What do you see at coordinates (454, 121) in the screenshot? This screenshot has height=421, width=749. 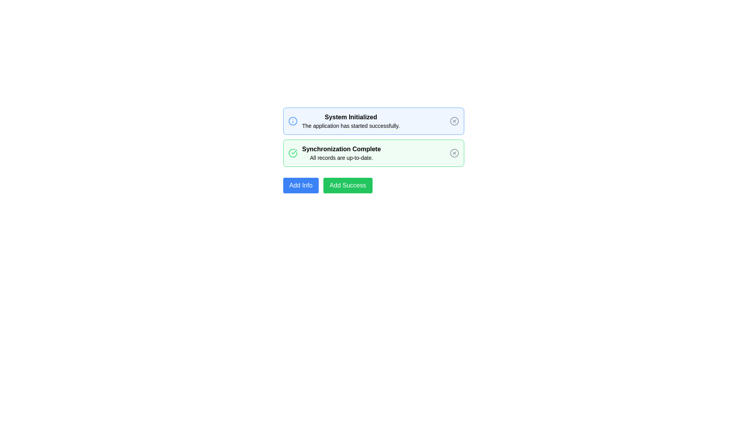 I see `the dismiss button located on the right side of the blue notification box titled 'System Initialized' to change its color` at bounding box center [454, 121].